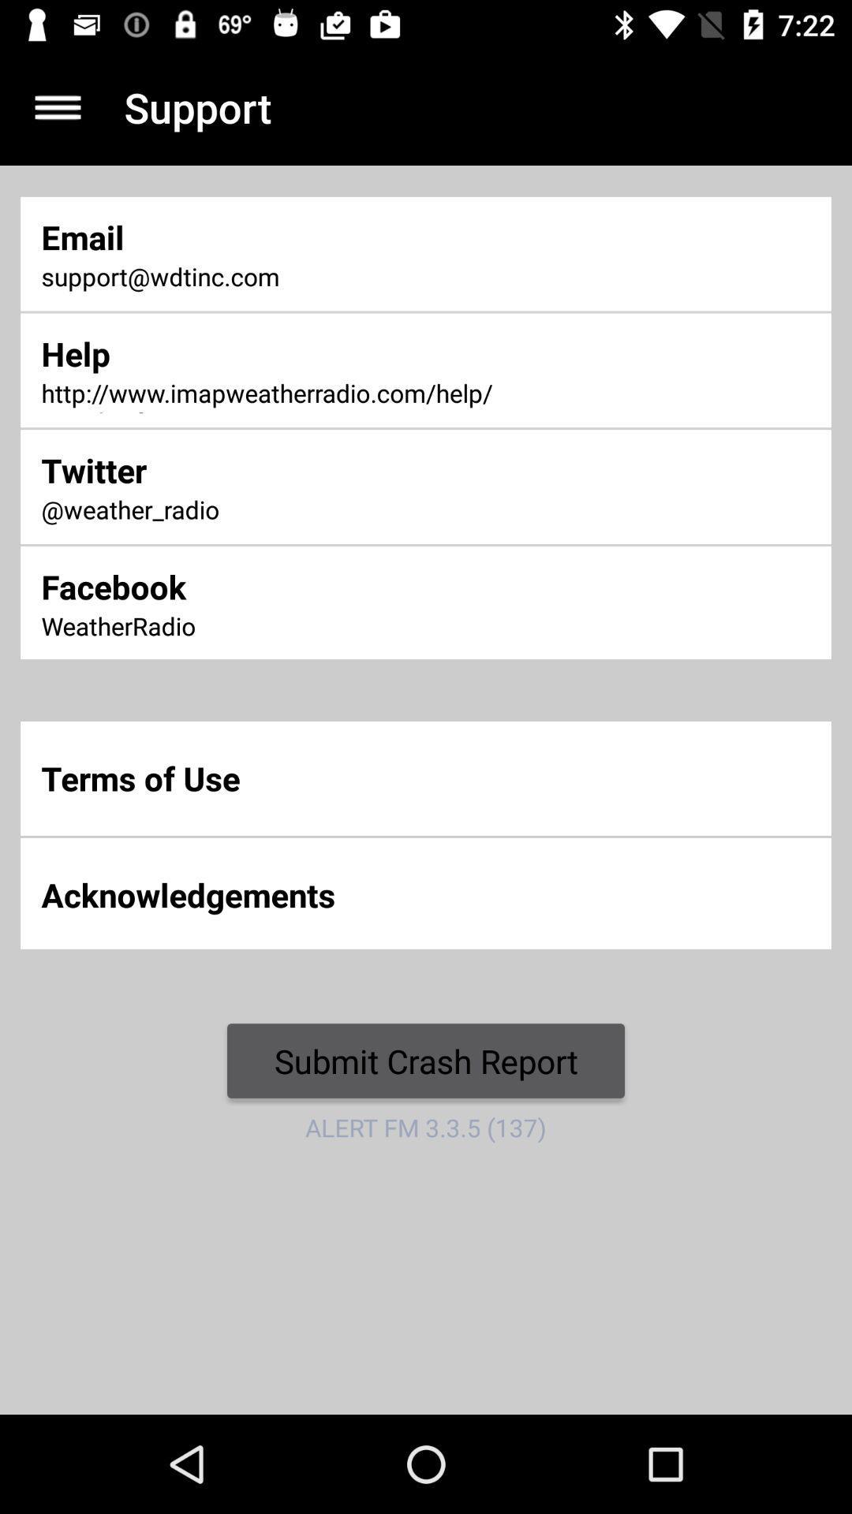  I want to click on the item below http www imapweatherradio, so click(282, 469).